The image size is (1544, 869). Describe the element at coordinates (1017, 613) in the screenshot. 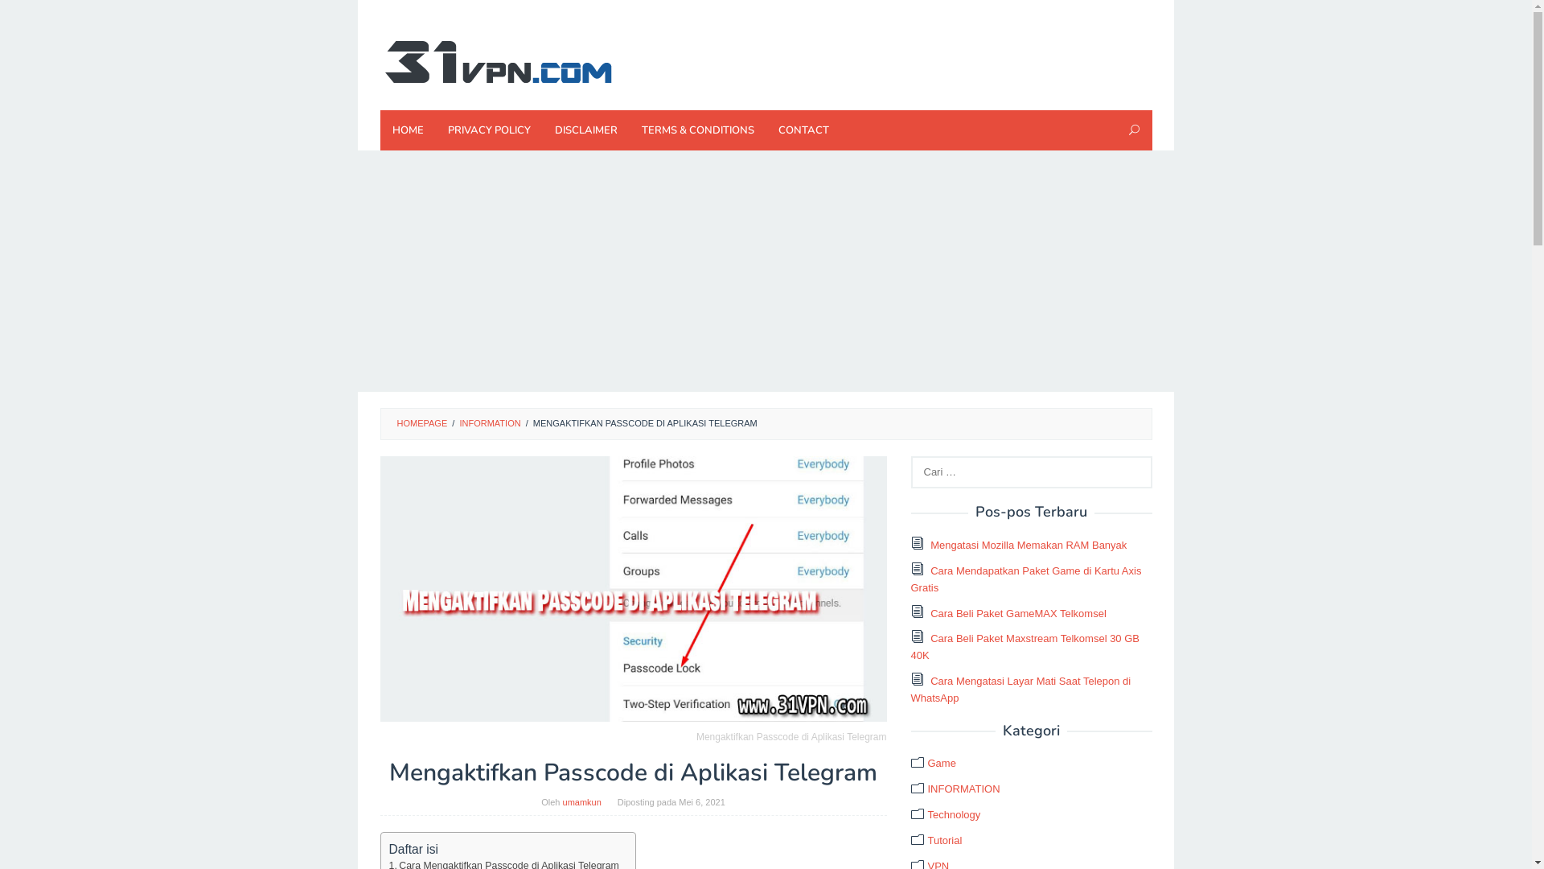

I see `'Cara Beli Paket GameMAX Telkomsel'` at that location.